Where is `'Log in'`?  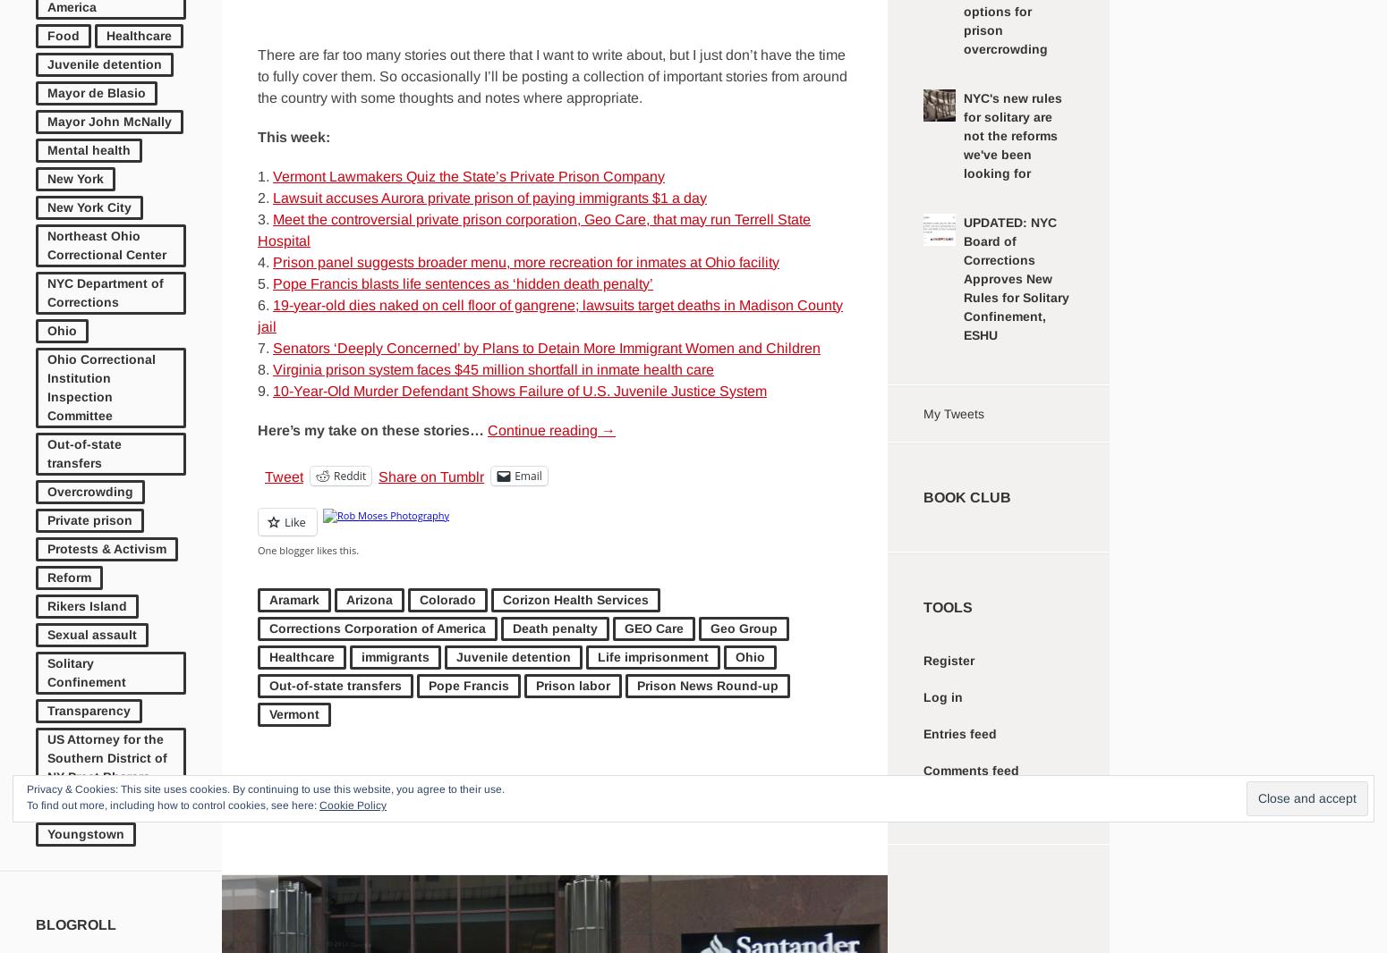 'Log in' is located at coordinates (943, 696).